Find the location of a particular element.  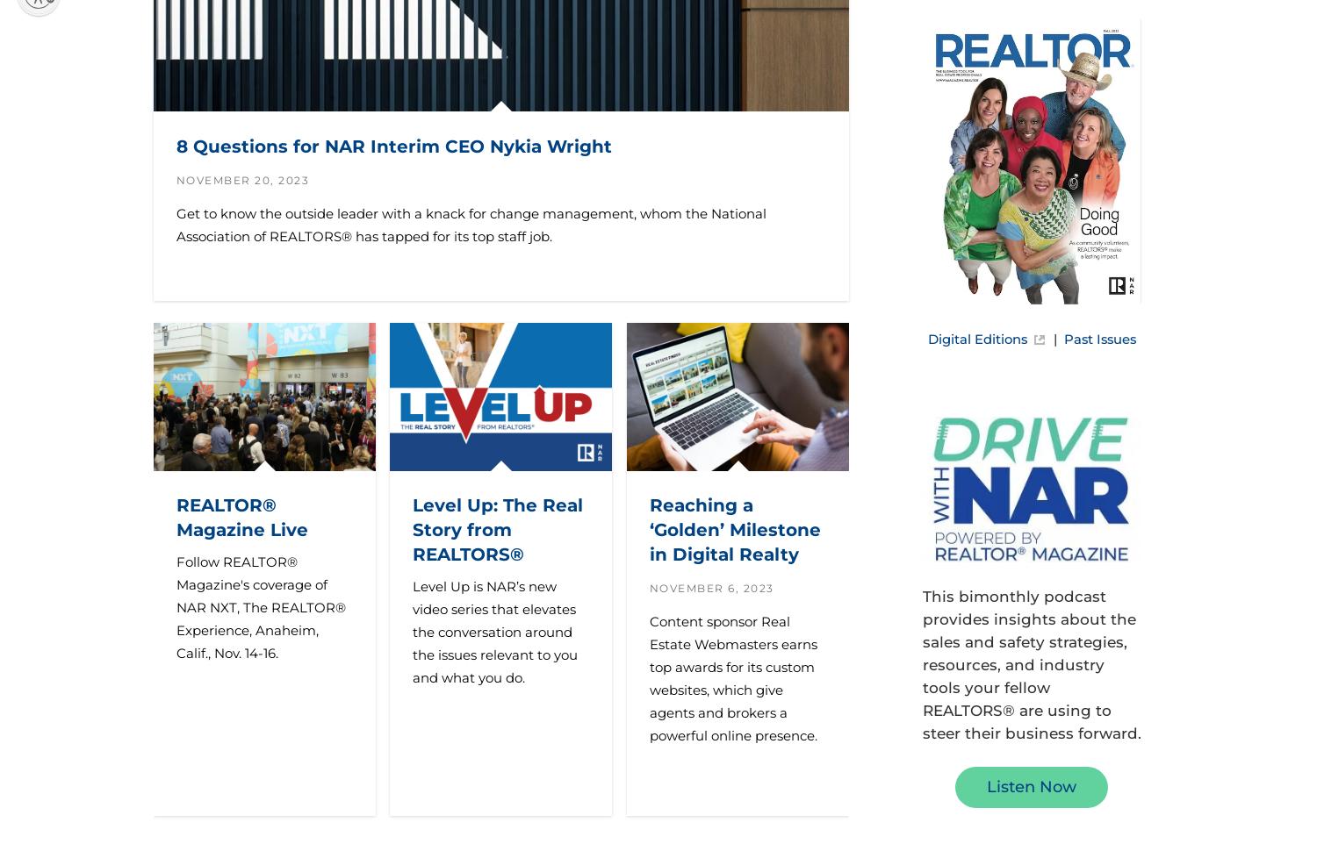

'Digital Editions' is located at coordinates (975, 337).